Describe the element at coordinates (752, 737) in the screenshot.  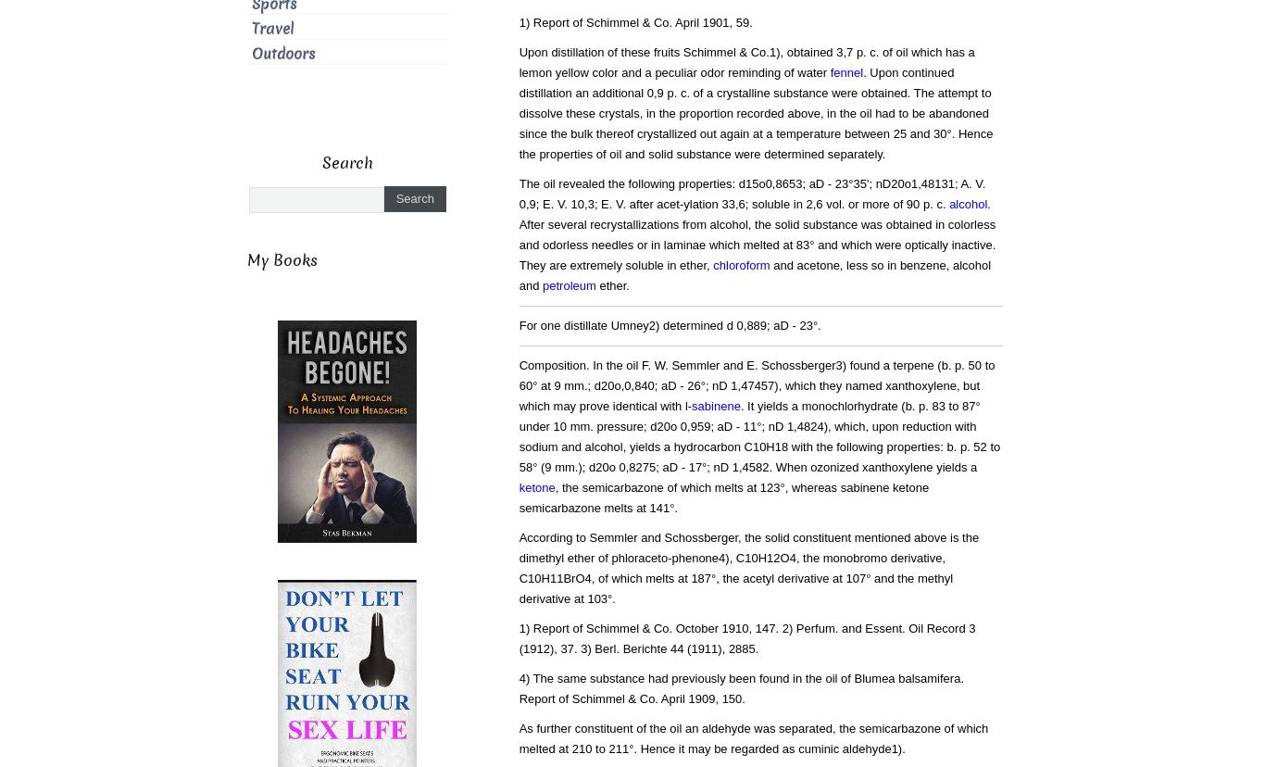
I see `'As further constituent of the oil an aldehyde was separated, the semicarbazone of which melted at 210 to 211°. Hence it may be regarded as cuminic aldehyde1).'` at that location.